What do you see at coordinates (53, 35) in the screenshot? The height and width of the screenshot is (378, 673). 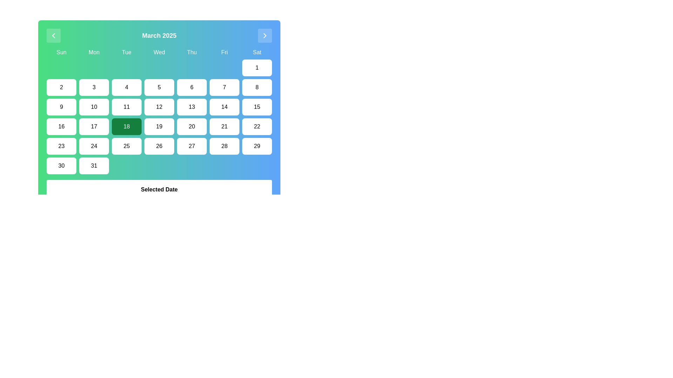 I see `the left-pointing chevron icon within the navigation button in the top-left corner of the calendar interface to move to the previous month` at bounding box center [53, 35].